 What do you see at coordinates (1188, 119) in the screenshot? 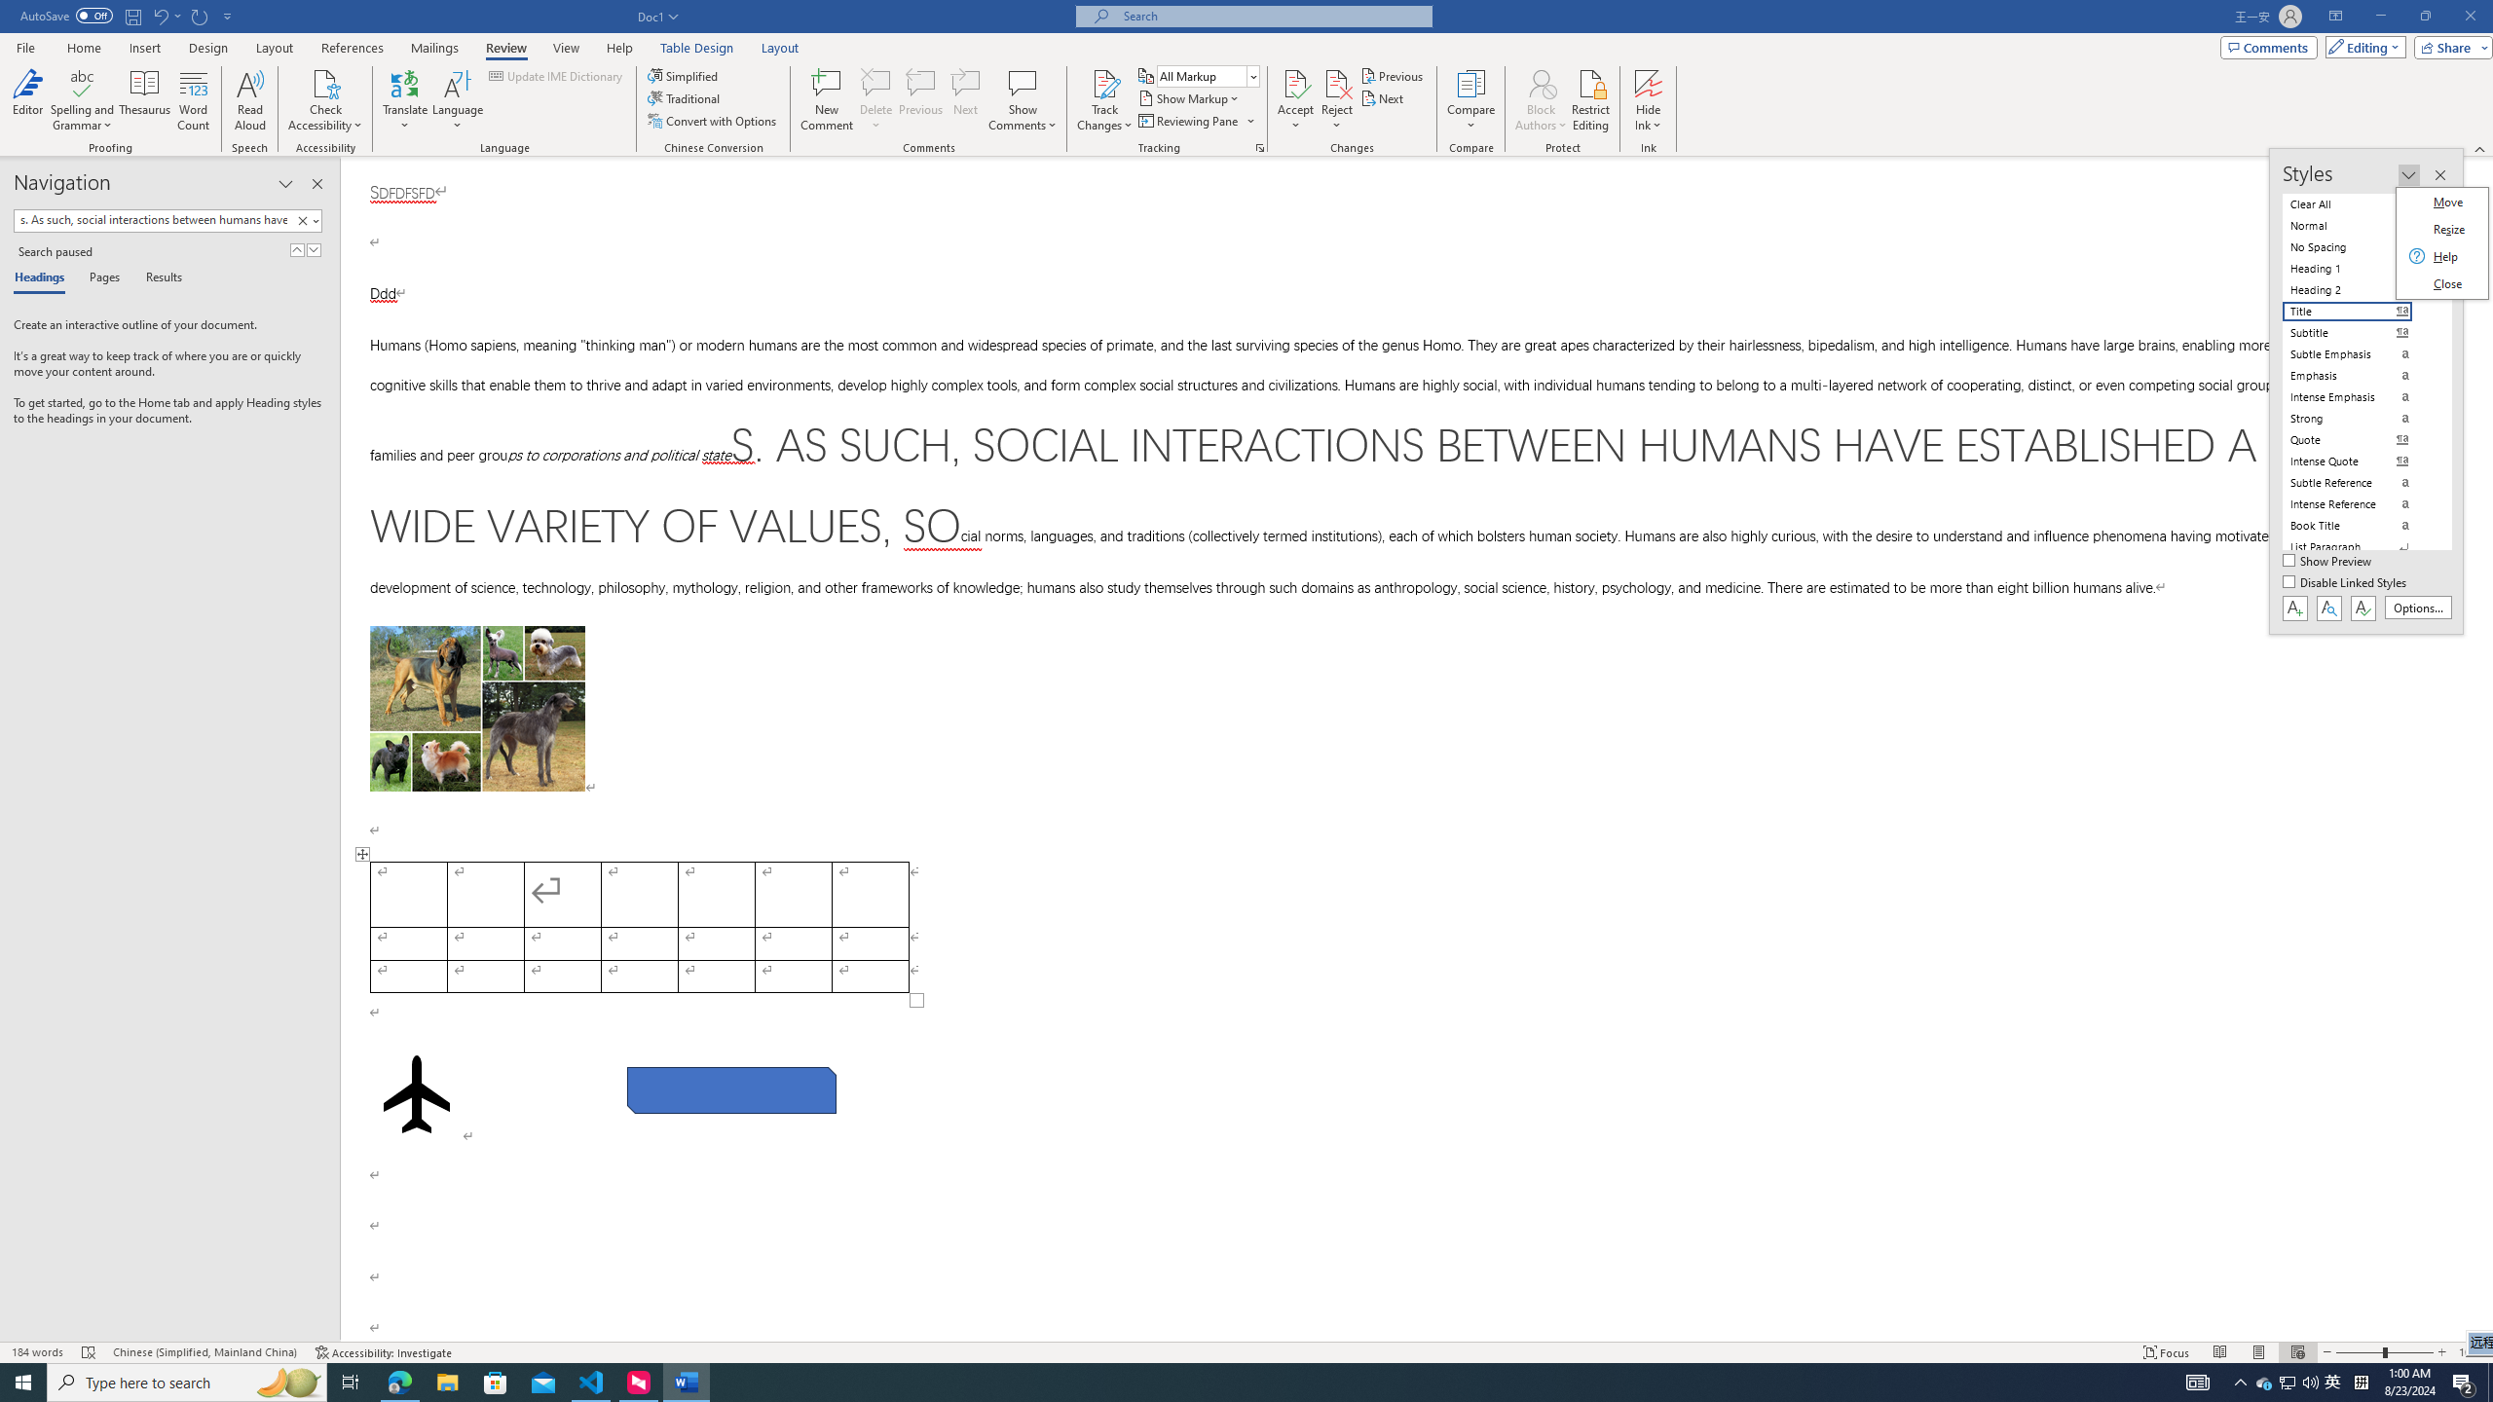
I see `'Reviewing Pane'` at bounding box center [1188, 119].